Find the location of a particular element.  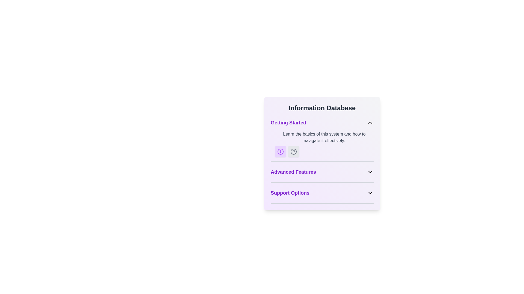

the text label displaying 'Support Options', which is styled in bold purple font and located below the 'Advanced Features' header is located at coordinates (290, 193).